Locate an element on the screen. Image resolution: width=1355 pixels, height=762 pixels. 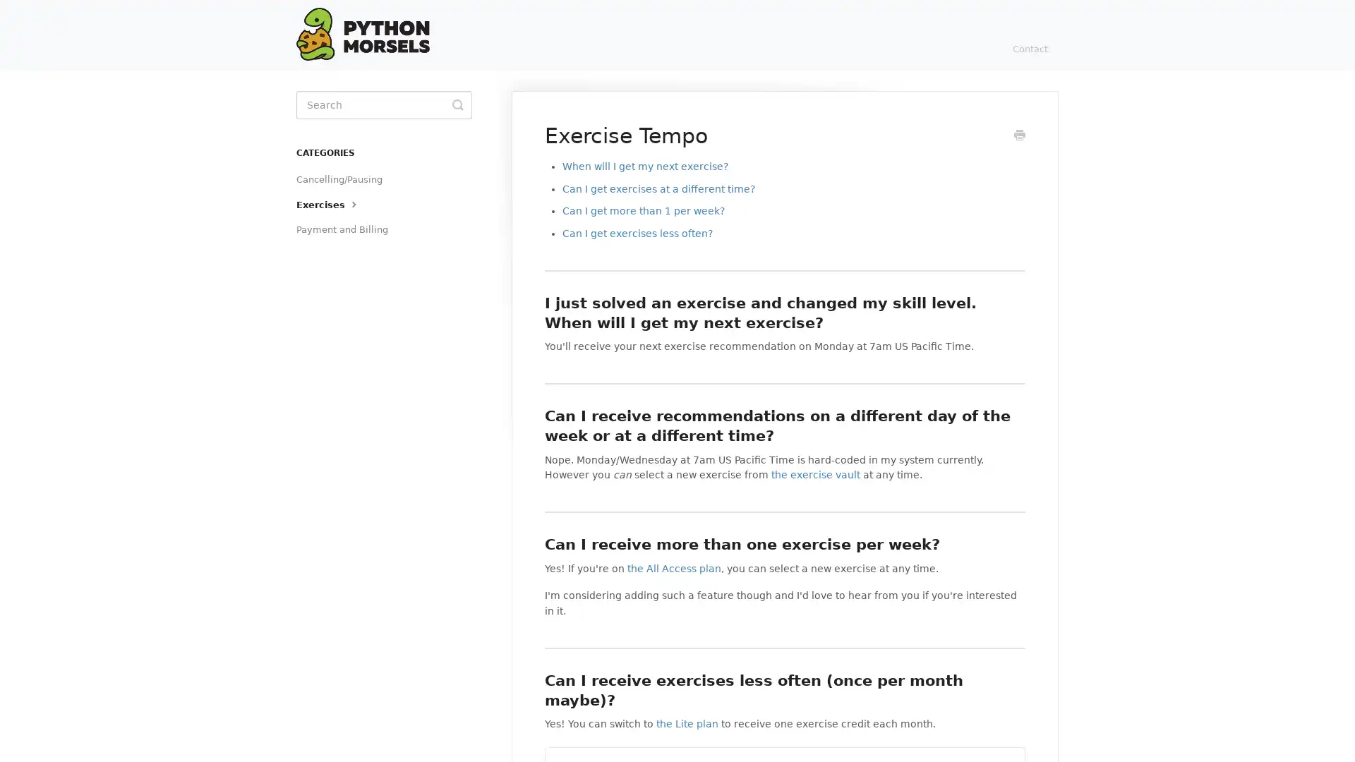
Toggle Search is located at coordinates (457, 104).